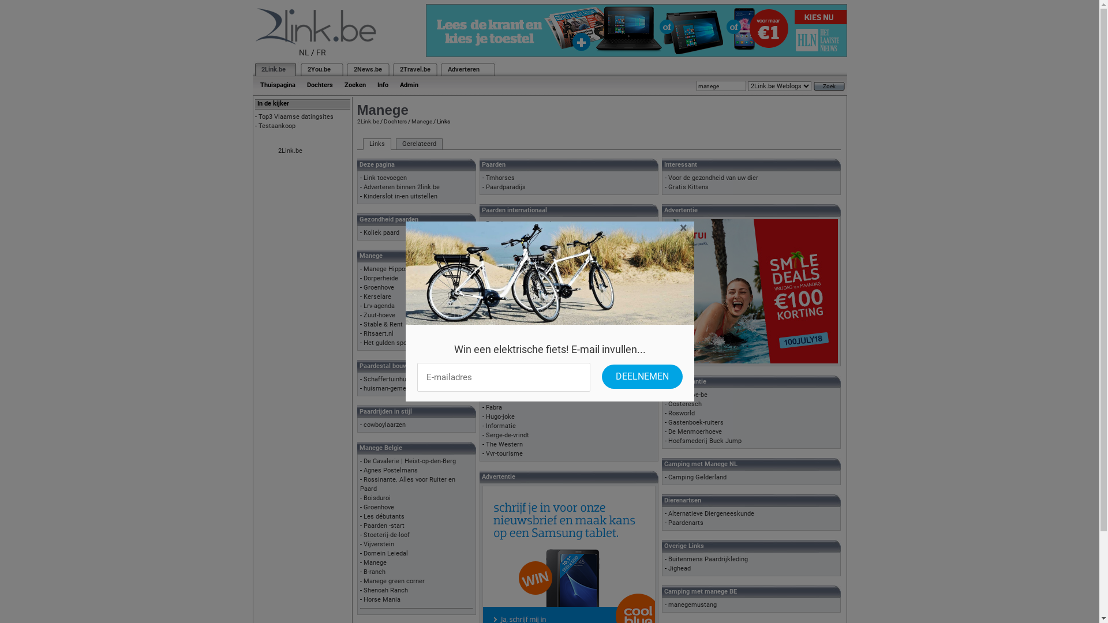  I want to click on 'Ritsaert.nl', so click(379, 333).